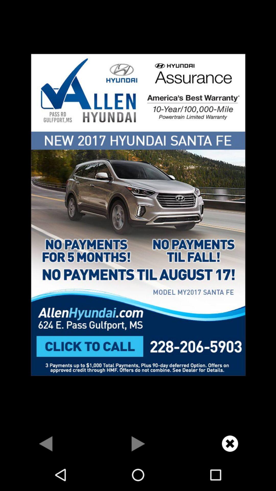 The image size is (276, 491). I want to click on advertisement screen, so click(138, 214).